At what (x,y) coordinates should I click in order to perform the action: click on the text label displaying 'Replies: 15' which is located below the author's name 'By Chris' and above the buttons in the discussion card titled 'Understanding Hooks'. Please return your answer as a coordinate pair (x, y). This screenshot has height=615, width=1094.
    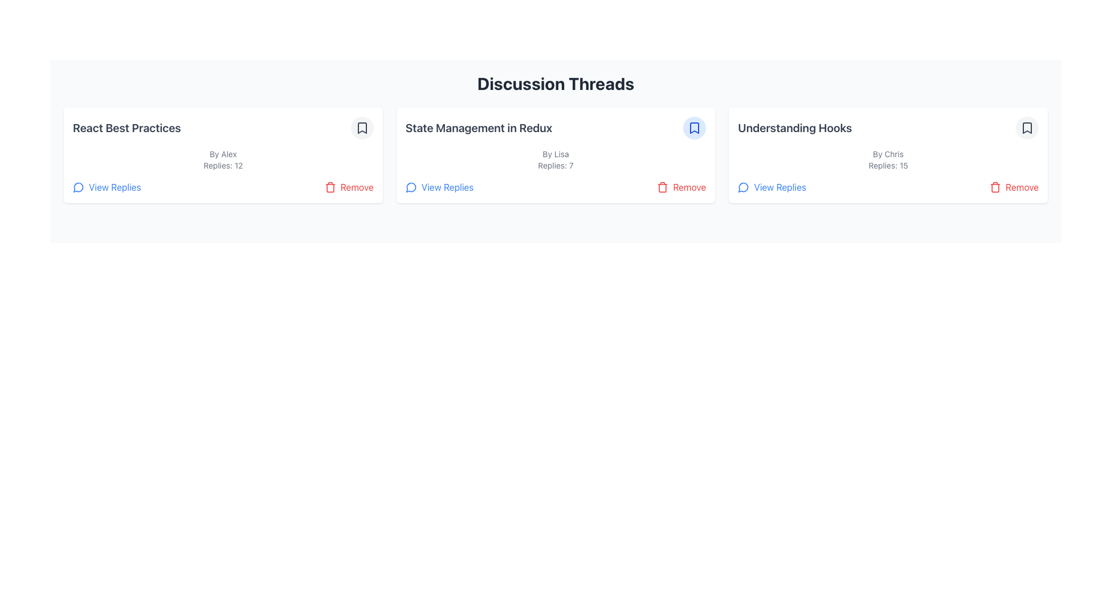
    Looking at the image, I should click on (888, 165).